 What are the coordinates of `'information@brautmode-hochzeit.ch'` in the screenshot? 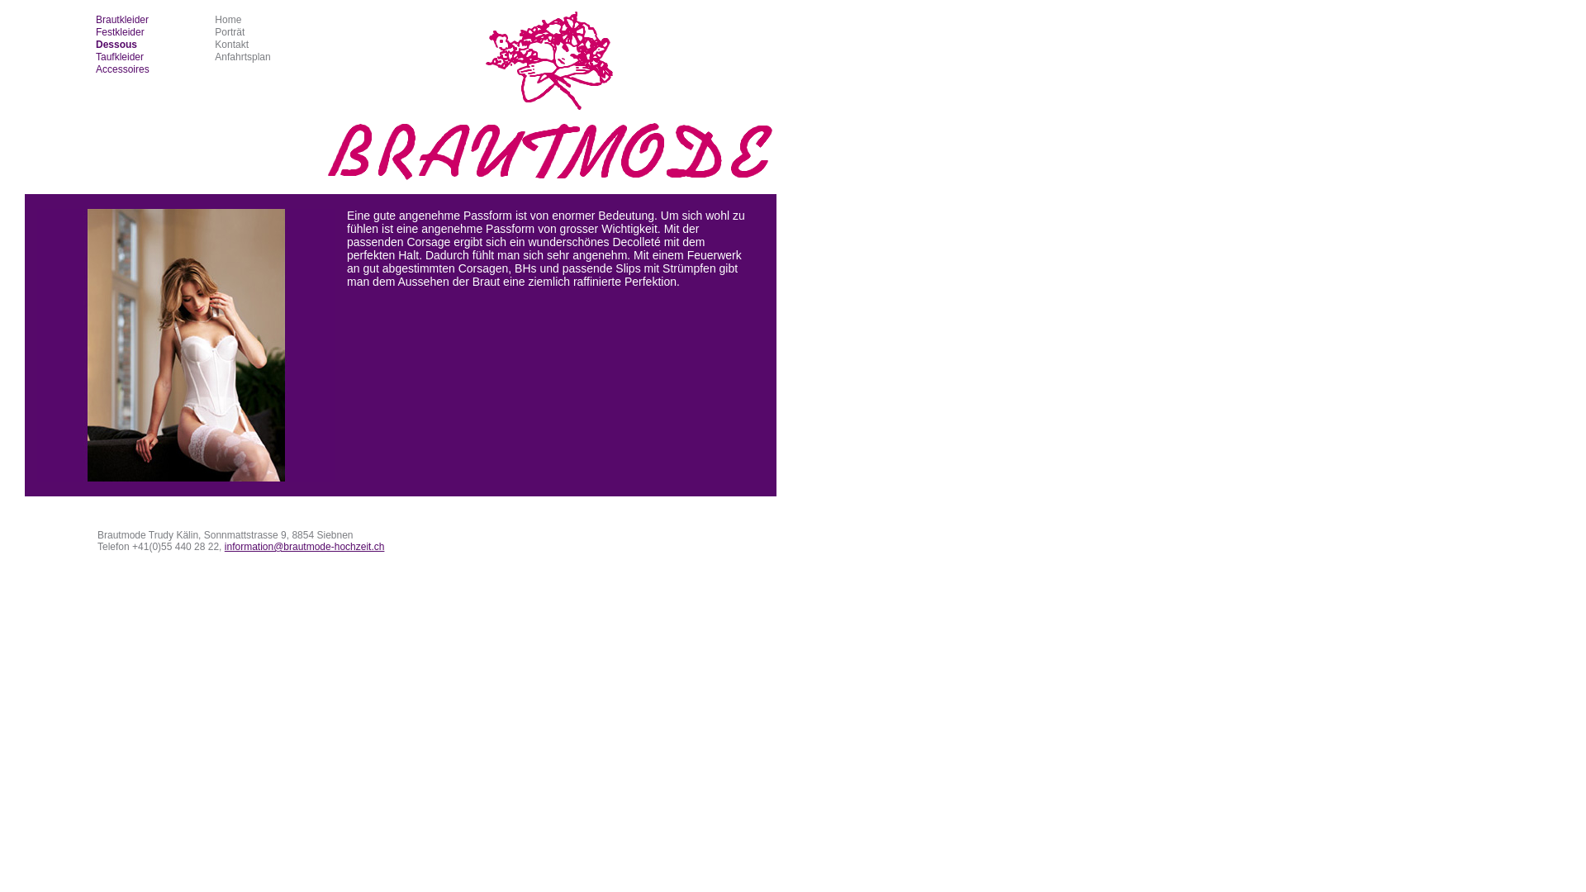 It's located at (305, 547).